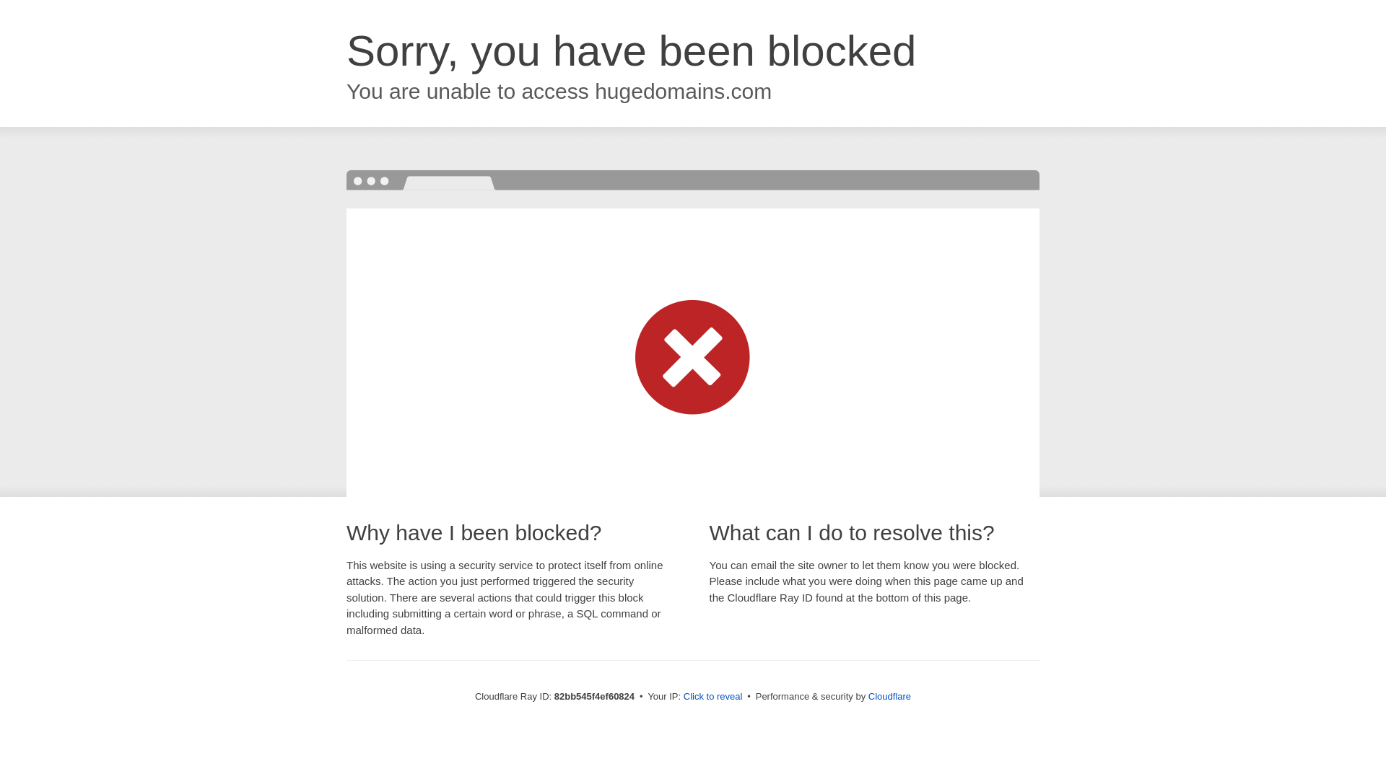 This screenshot has height=779, width=1386. Describe the element at coordinates (713, 695) in the screenshot. I see `'Click to reveal'` at that location.